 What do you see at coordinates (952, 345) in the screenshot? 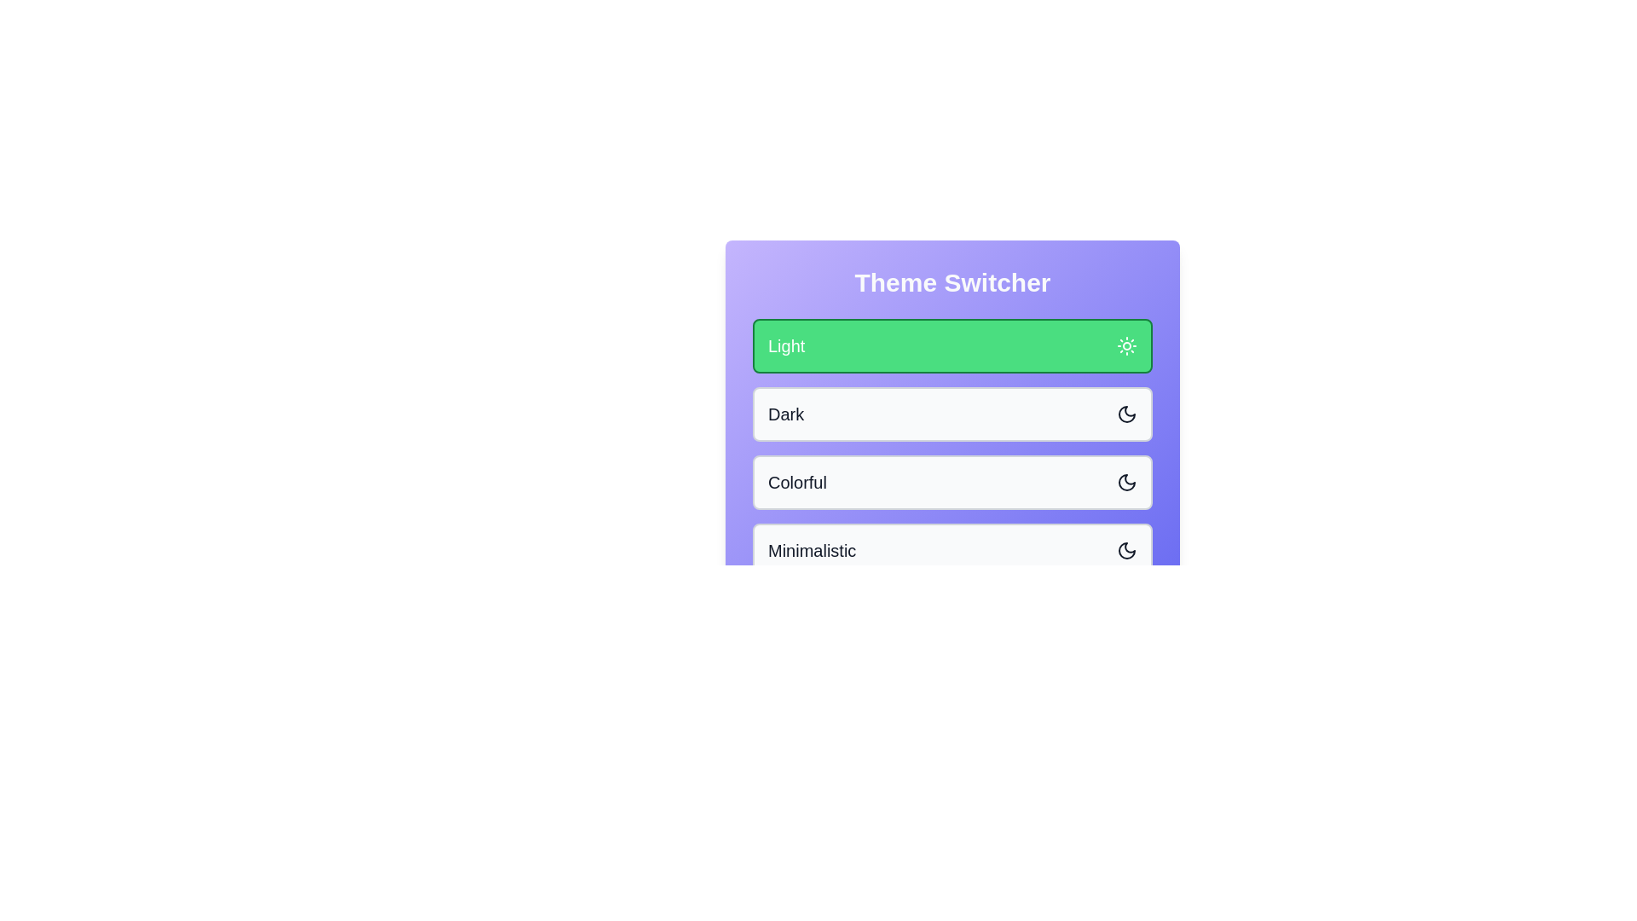
I see `the theme button for Light` at bounding box center [952, 345].